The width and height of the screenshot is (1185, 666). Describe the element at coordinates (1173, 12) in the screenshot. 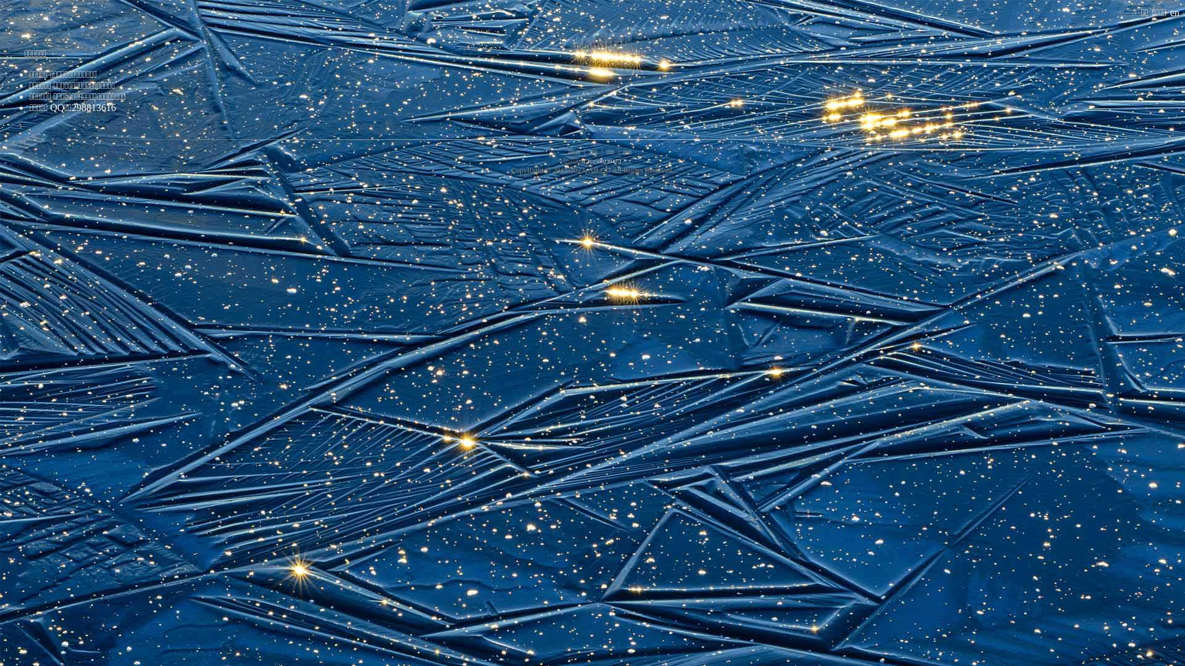

I see `' en'` at that location.